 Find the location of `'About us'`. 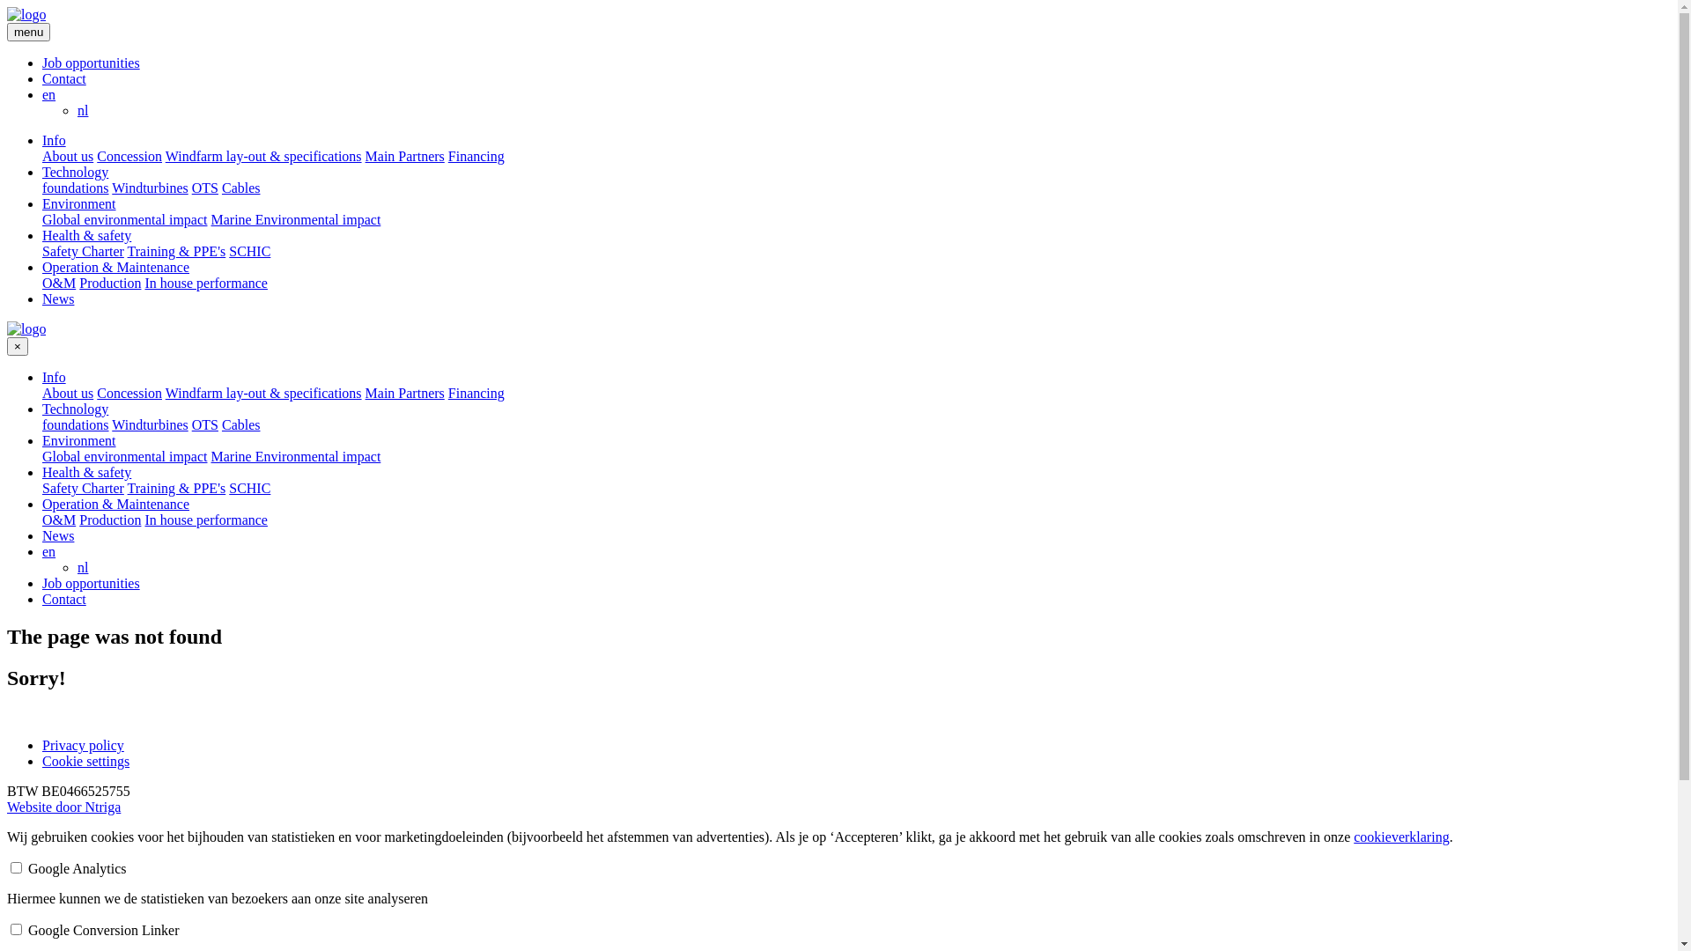

'About us' is located at coordinates (67, 155).